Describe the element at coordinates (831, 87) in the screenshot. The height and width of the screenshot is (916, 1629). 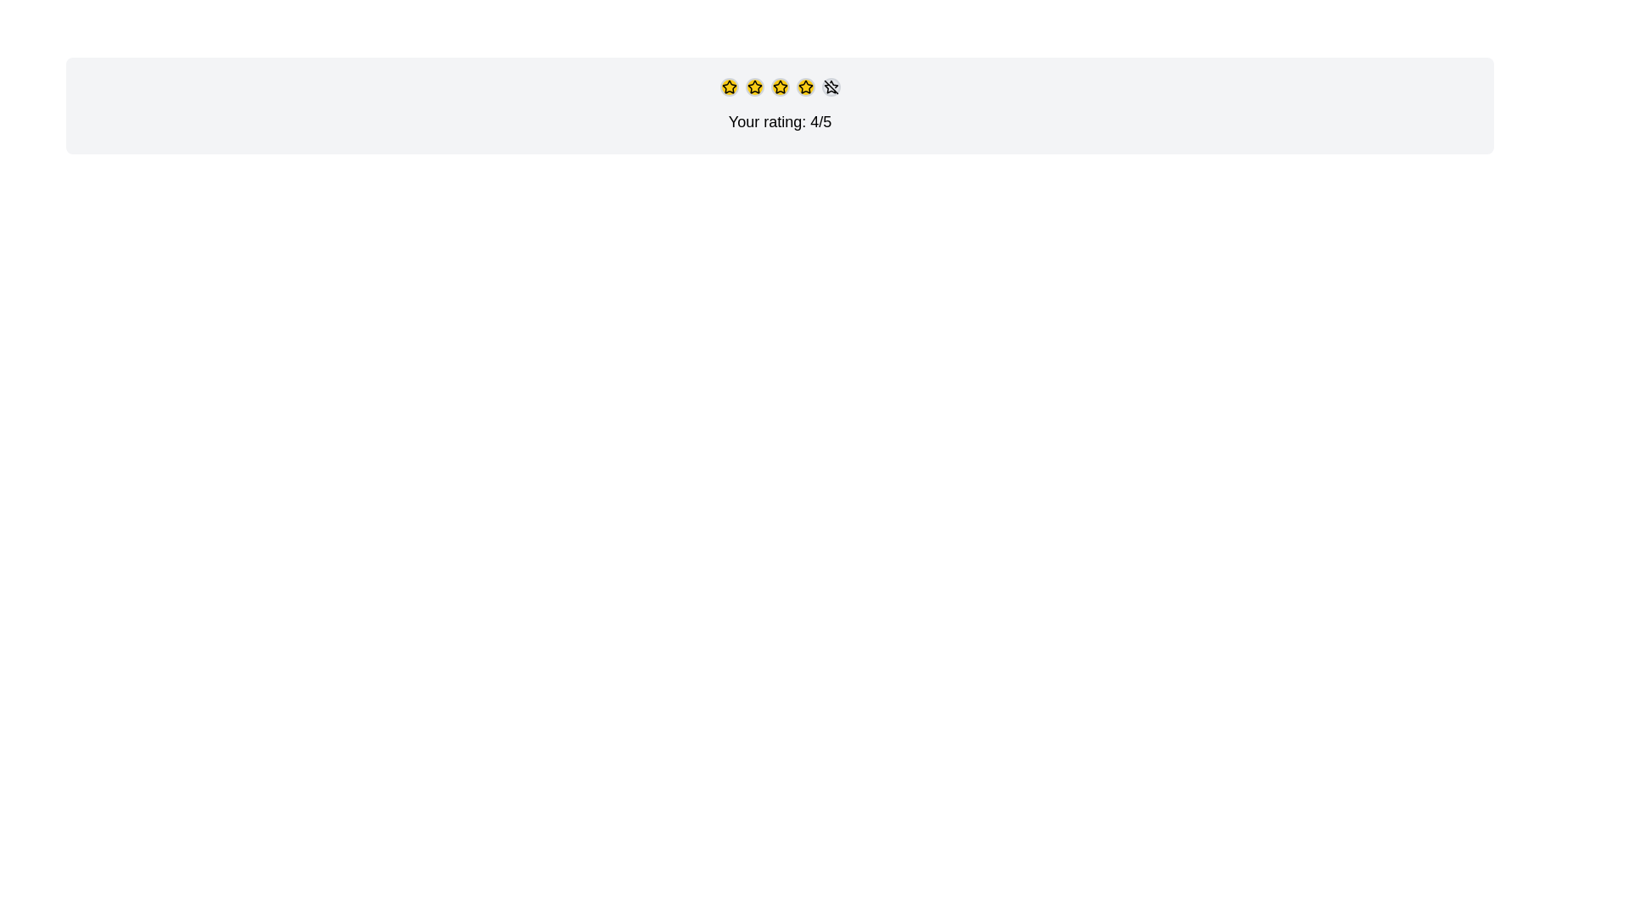
I see `the deactivated rating star icon, represented as a crossed-out star` at that location.